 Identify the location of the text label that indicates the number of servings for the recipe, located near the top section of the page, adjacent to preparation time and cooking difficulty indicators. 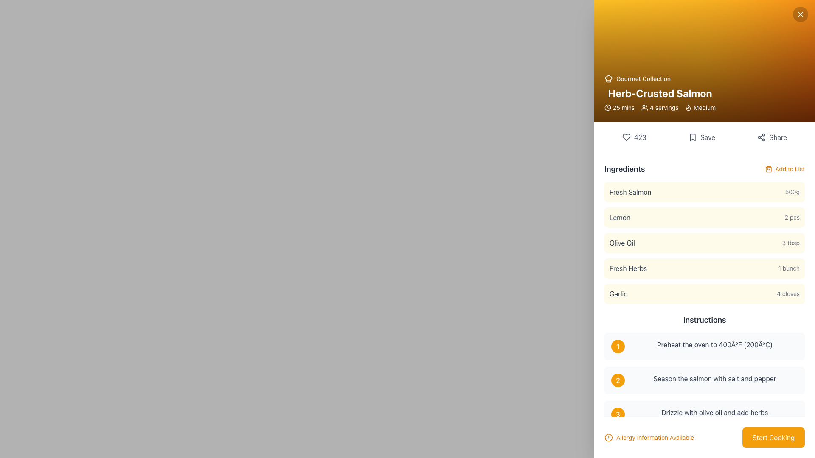
(663, 107).